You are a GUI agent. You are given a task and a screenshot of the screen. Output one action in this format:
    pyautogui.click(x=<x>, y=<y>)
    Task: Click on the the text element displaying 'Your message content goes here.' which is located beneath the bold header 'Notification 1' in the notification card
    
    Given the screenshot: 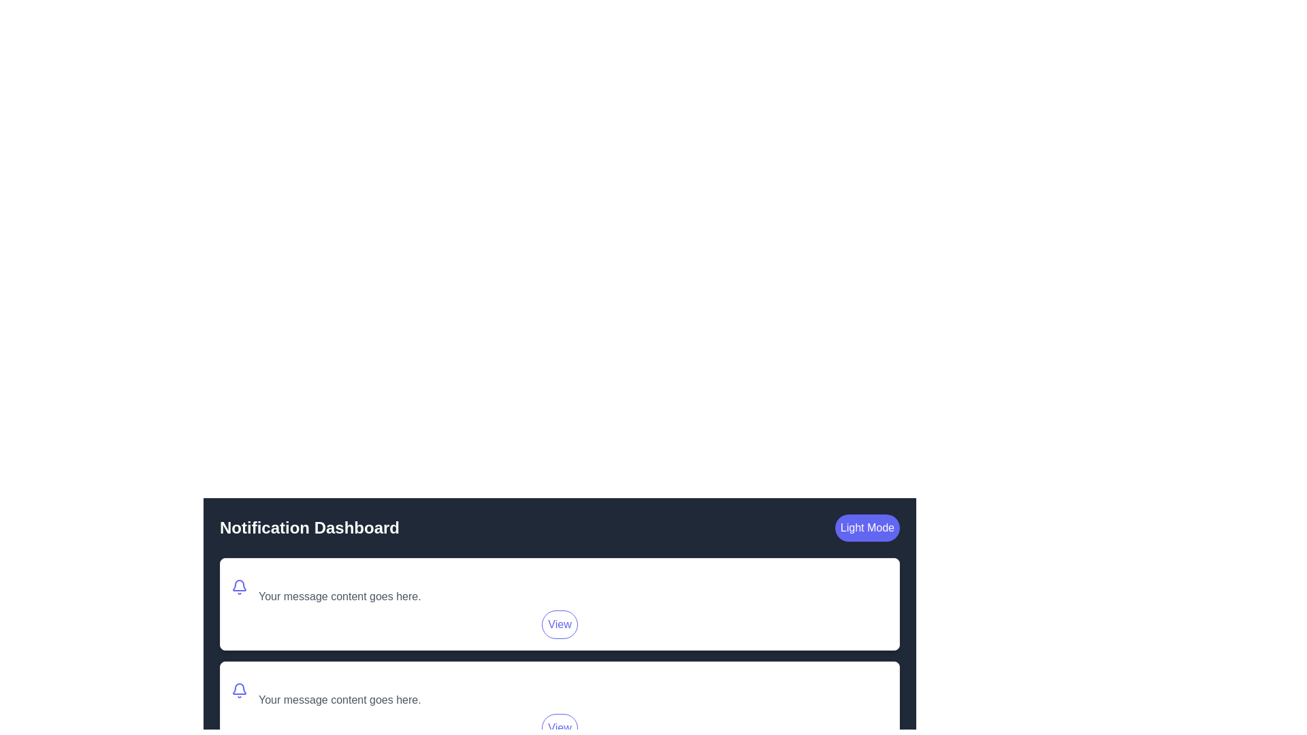 What is the action you would take?
    pyautogui.click(x=340, y=595)
    